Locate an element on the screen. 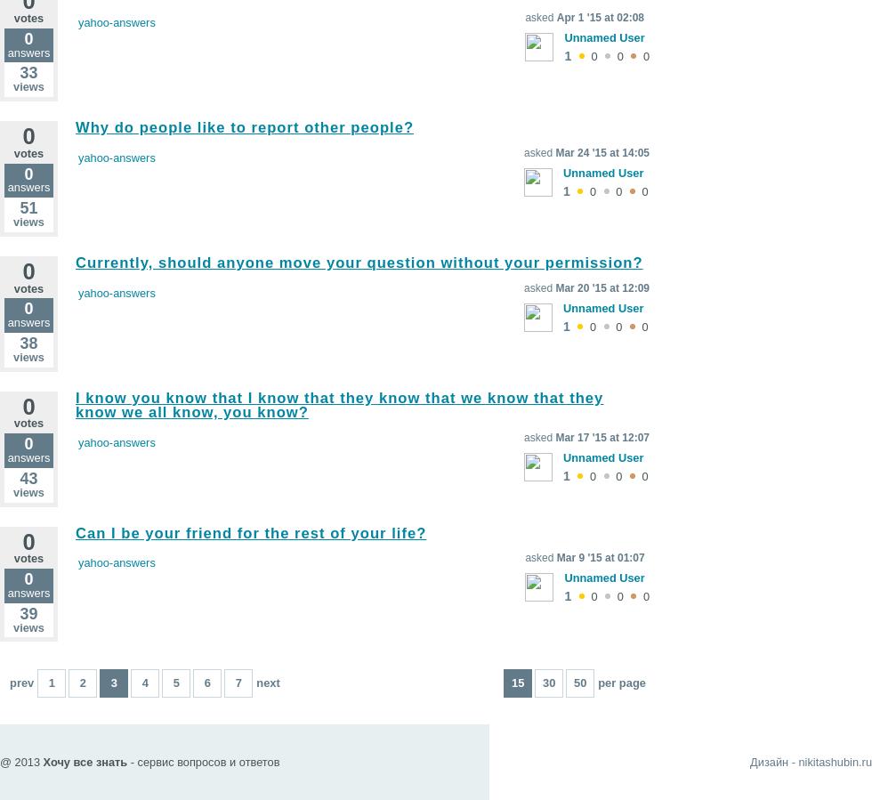 The height and width of the screenshot is (800, 872). '39' is located at coordinates (28, 611).